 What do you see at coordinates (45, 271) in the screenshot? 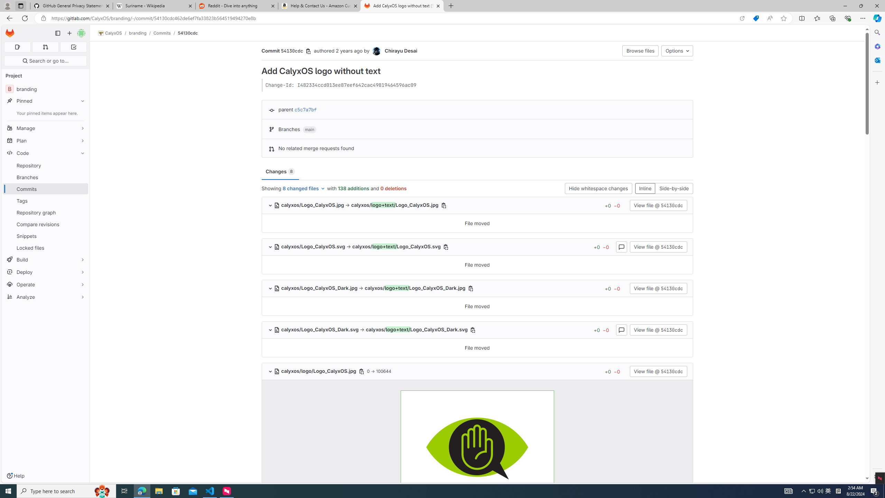
I see `'Deploy'` at bounding box center [45, 271].